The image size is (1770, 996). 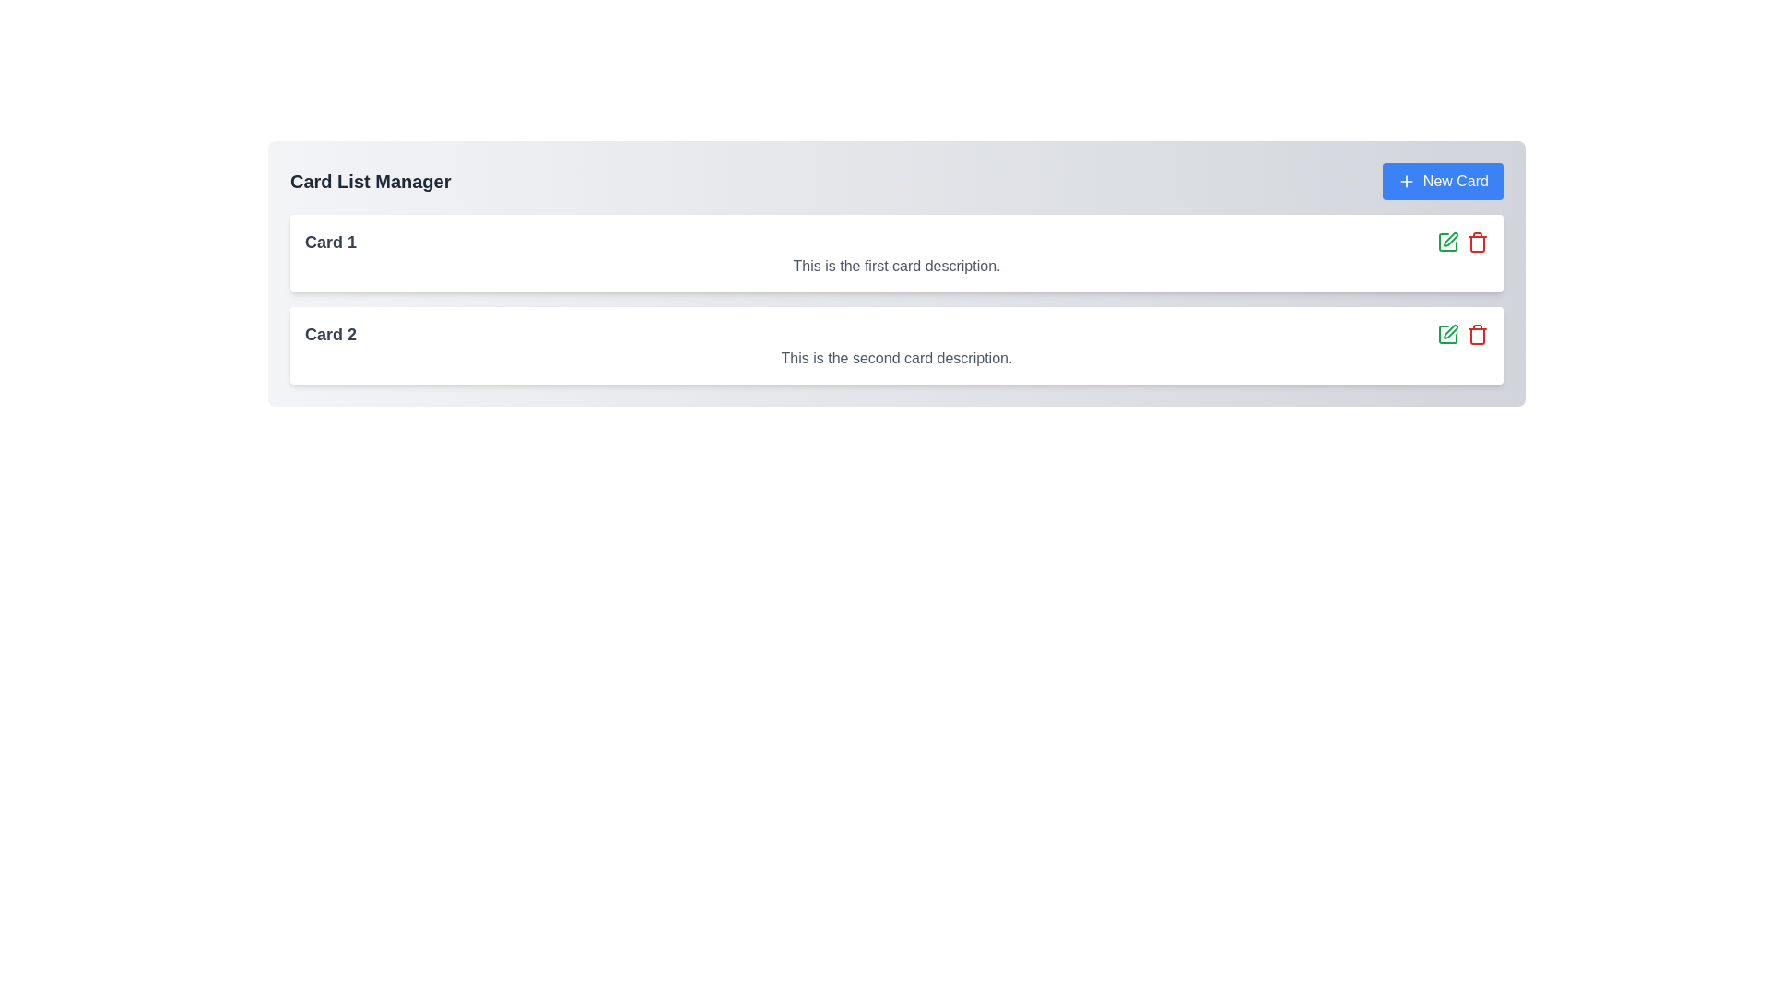 What do you see at coordinates (1446, 334) in the screenshot?
I see `the green edit icon button, which features a square and pencil motif, located in the second card of the list interface and positioned to the left of the red delete icon, to potentially reveal additional information` at bounding box center [1446, 334].